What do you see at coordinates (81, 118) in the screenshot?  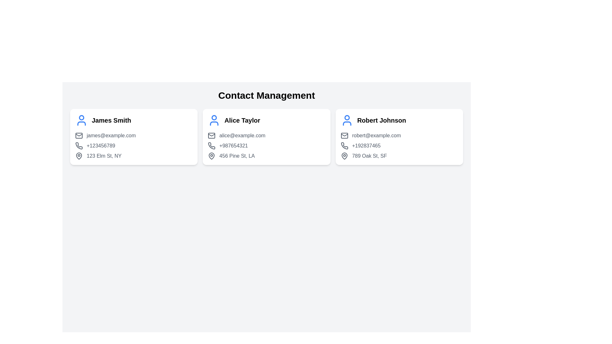 I see `the user's avatar head represented as an SVG circle element located at the top of the user icon, which is the leftmost in the row of user cards` at bounding box center [81, 118].